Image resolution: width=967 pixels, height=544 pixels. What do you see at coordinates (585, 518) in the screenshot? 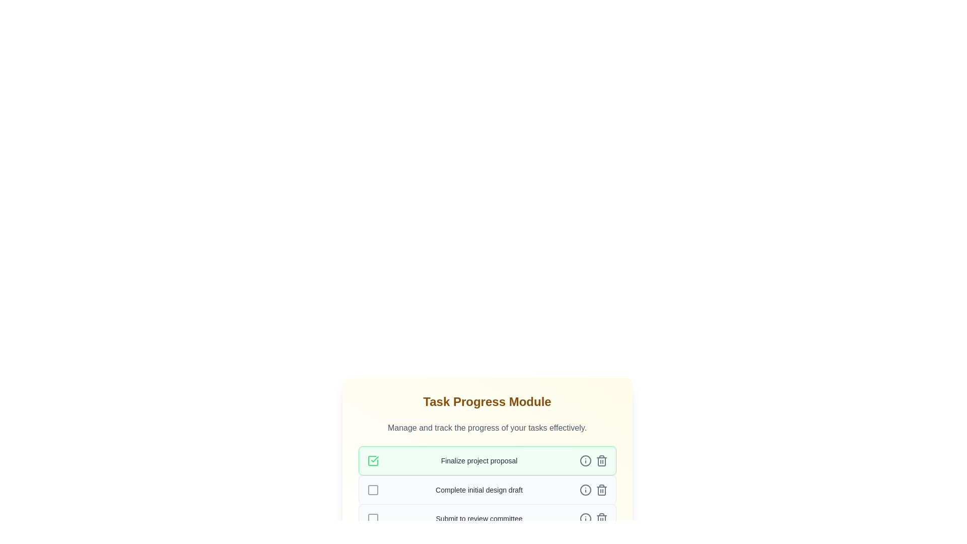
I see `the circular SVG graphic icon located at the bottom-right corner of the interface, which has a thin line stroke forming its boundary` at bounding box center [585, 518].